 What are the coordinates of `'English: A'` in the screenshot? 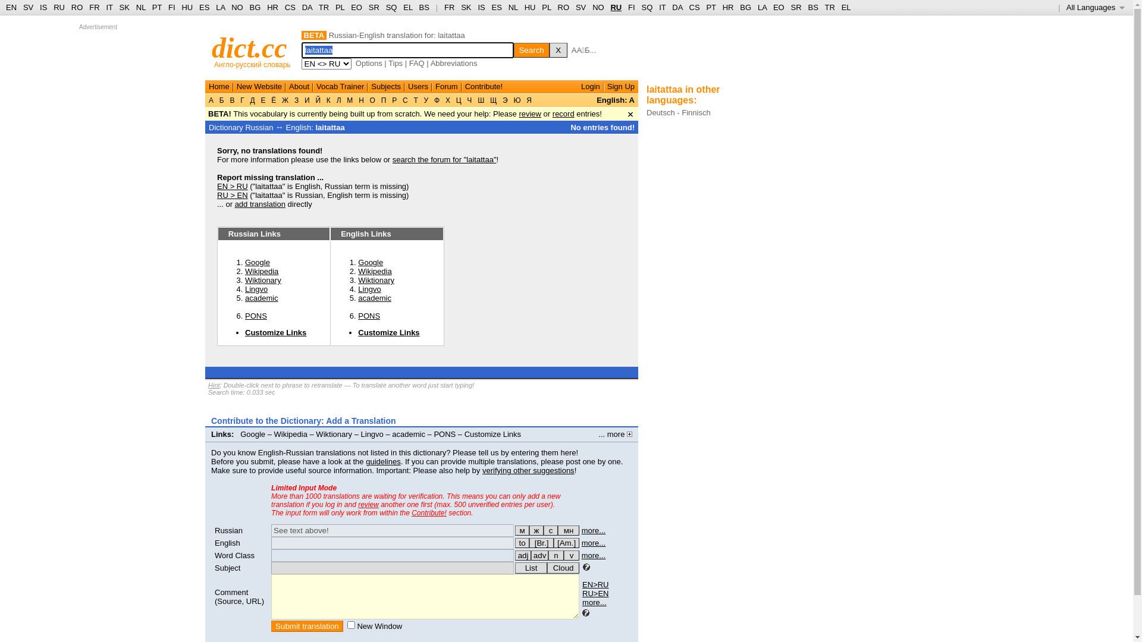 It's located at (616, 99).